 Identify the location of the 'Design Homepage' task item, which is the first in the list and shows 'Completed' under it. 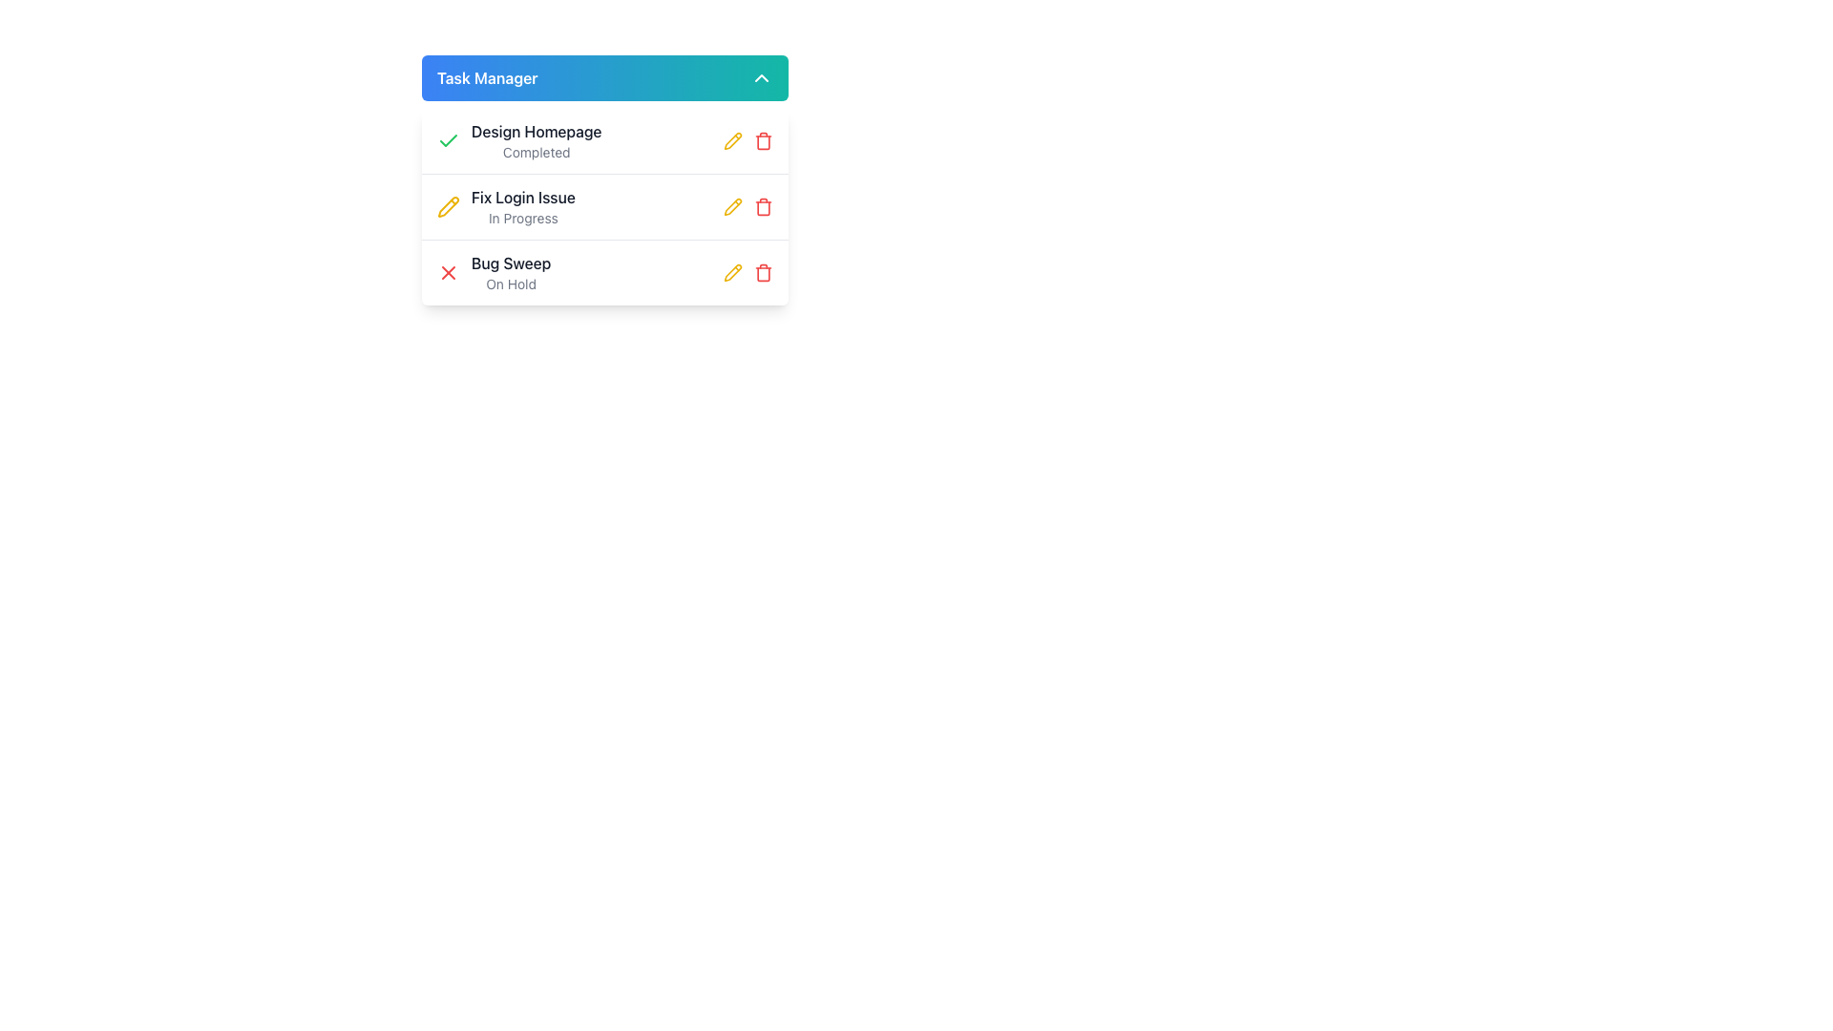
(535, 139).